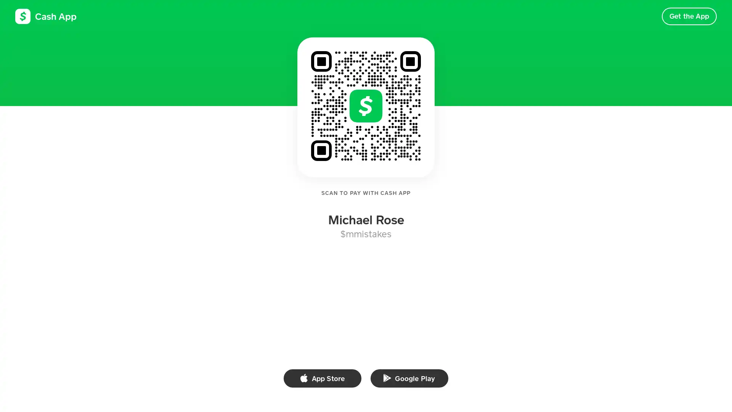  Describe the element at coordinates (689, 16) in the screenshot. I see `Get the App` at that location.